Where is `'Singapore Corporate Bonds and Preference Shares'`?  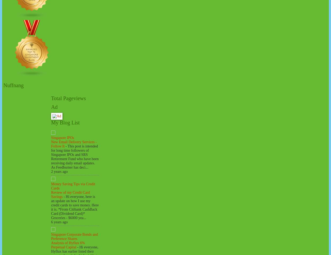 'Singapore Corporate Bonds and Preference Shares' is located at coordinates (51, 236).